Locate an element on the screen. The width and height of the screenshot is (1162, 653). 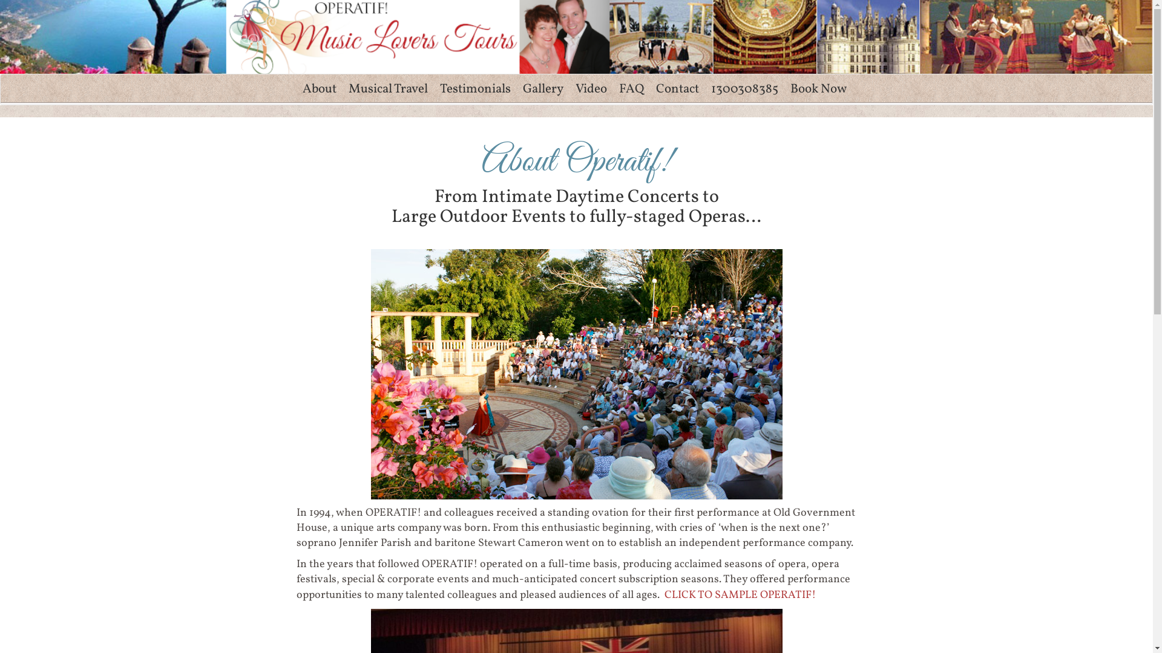
'Contact' is located at coordinates (677, 88).